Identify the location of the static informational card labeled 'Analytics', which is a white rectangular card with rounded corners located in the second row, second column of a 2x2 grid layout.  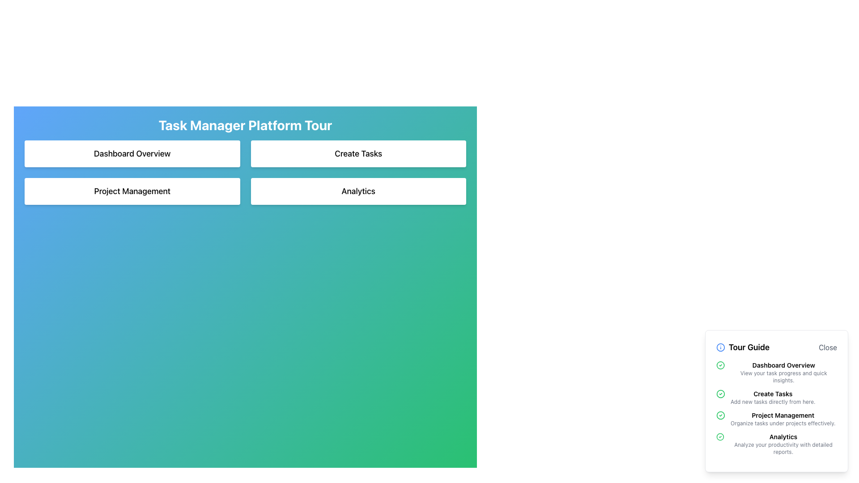
(358, 191).